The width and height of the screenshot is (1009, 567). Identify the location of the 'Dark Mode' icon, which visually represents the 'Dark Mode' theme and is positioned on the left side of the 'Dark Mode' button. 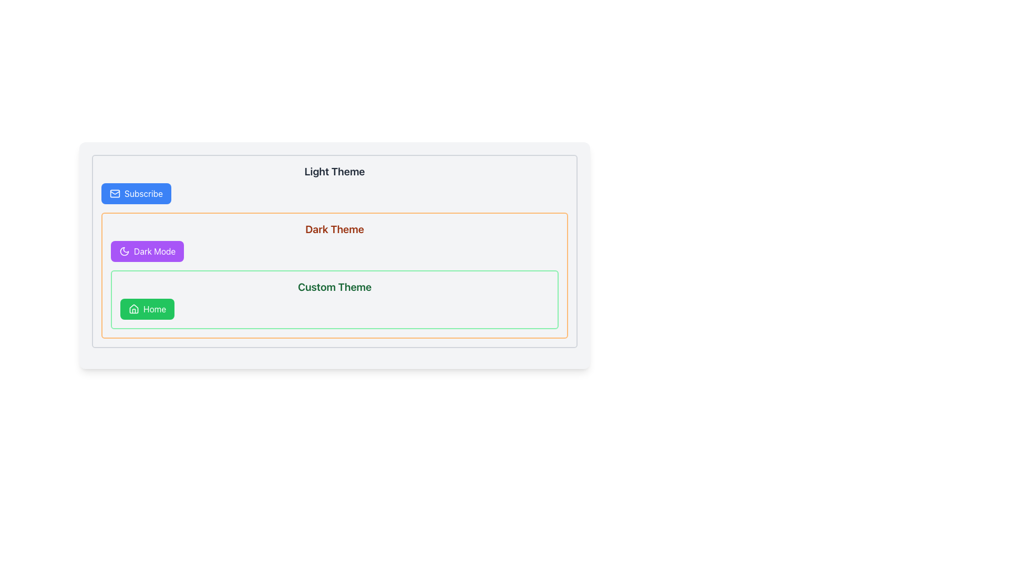
(124, 251).